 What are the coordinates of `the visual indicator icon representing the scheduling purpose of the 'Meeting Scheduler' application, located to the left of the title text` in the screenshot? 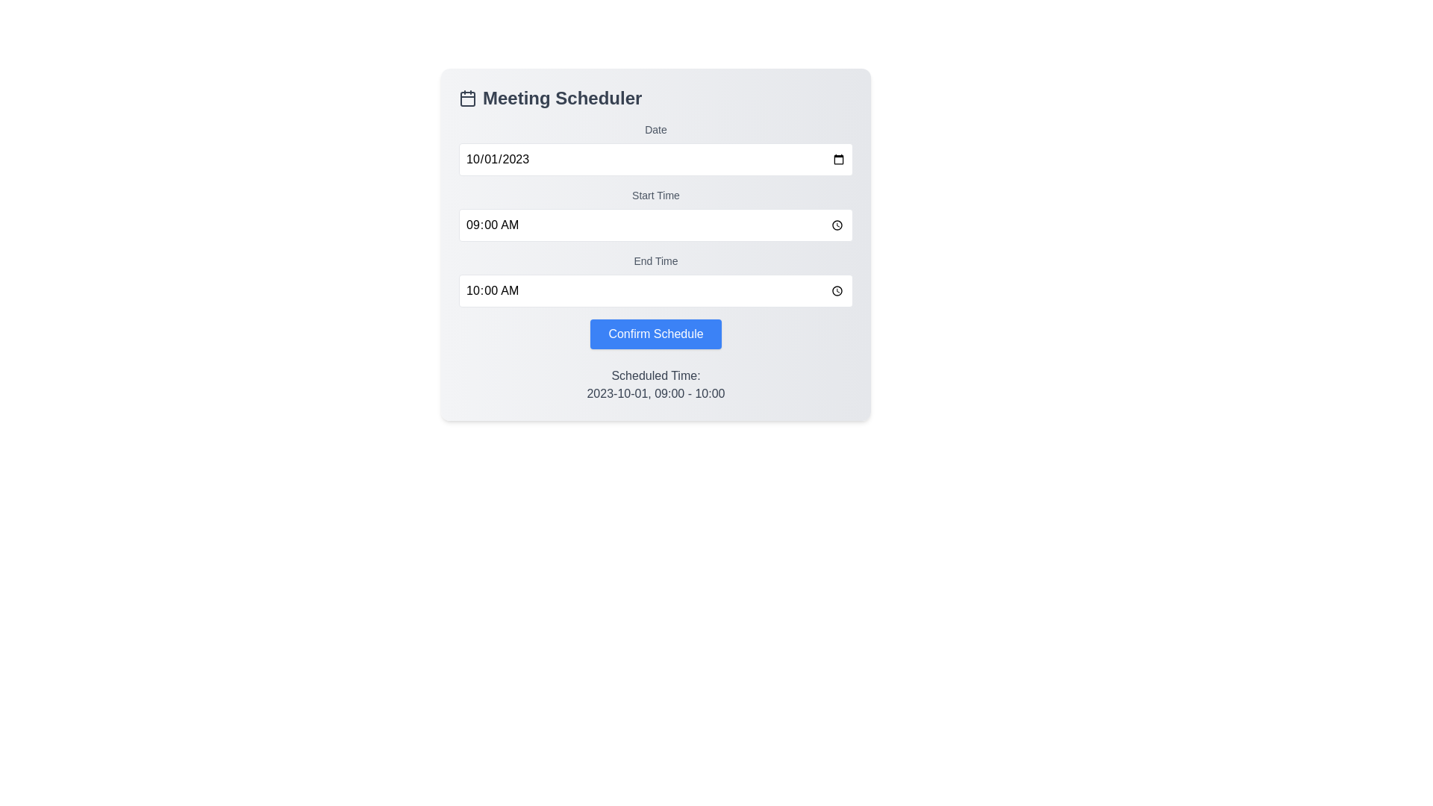 It's located at (467, 98).